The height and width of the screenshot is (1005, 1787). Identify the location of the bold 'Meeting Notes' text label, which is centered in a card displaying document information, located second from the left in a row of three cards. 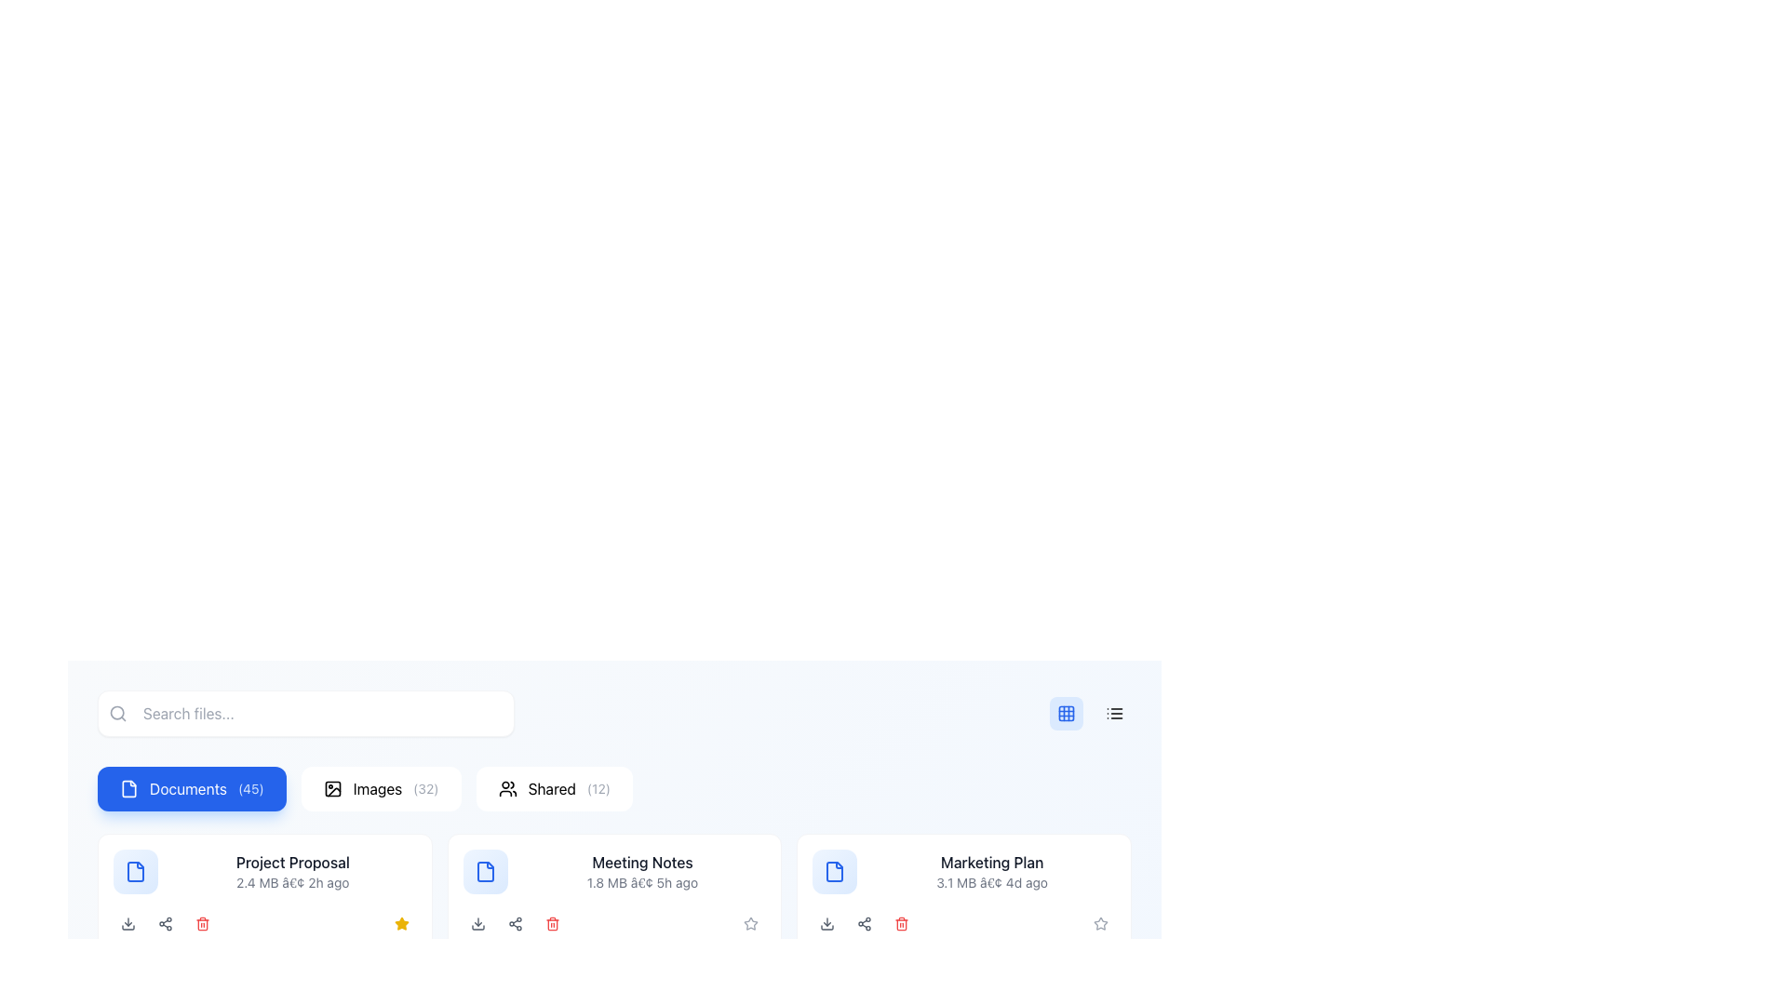
(642, 862).